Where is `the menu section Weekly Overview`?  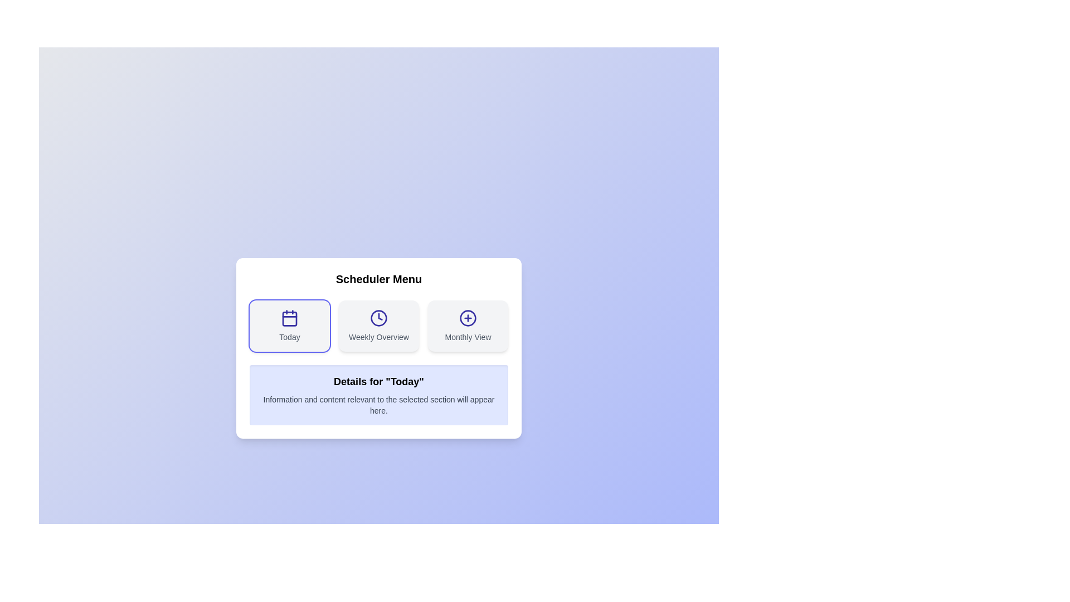 the menu section Weekly Overview is located at coordinates (379, 326).